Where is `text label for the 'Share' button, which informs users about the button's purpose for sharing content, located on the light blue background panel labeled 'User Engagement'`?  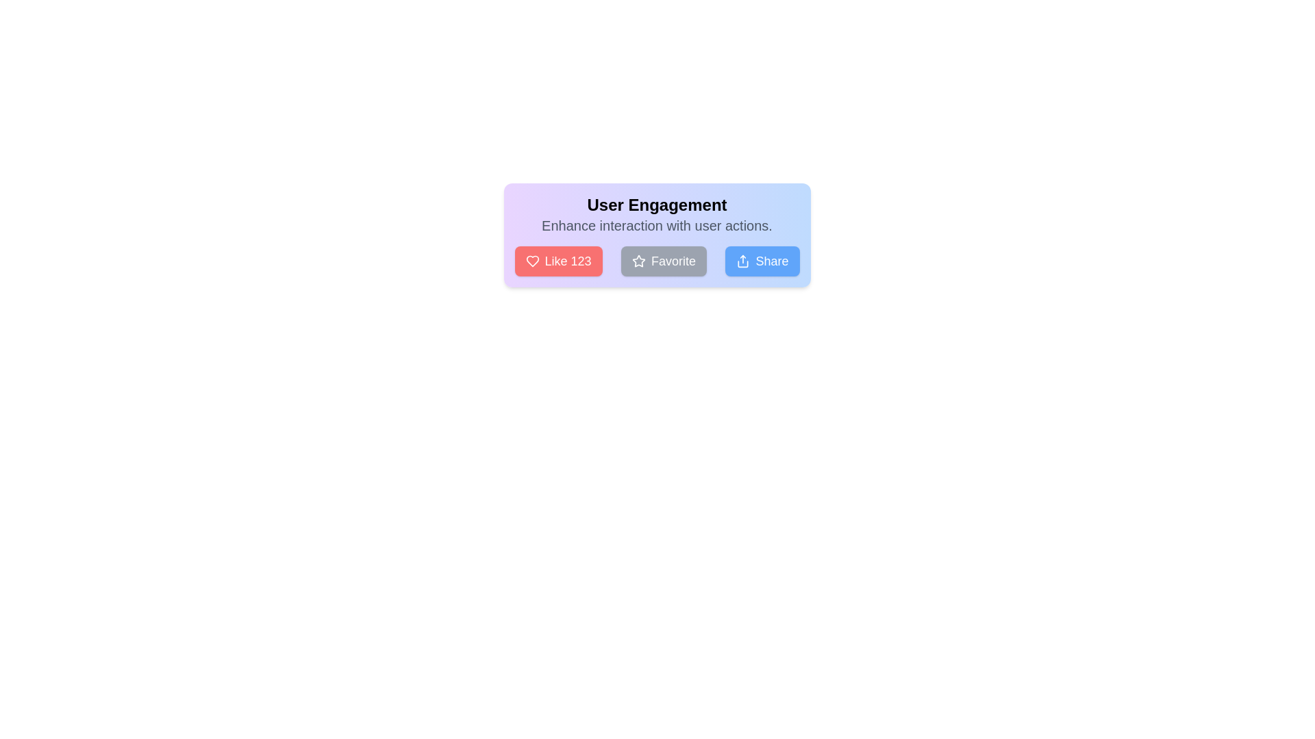
text label for the 'Share' button, which informs users about the button's purpose for sharing content, located on the light blue background panel labeled 'User Engagement' is located at coordinates (772, 261).